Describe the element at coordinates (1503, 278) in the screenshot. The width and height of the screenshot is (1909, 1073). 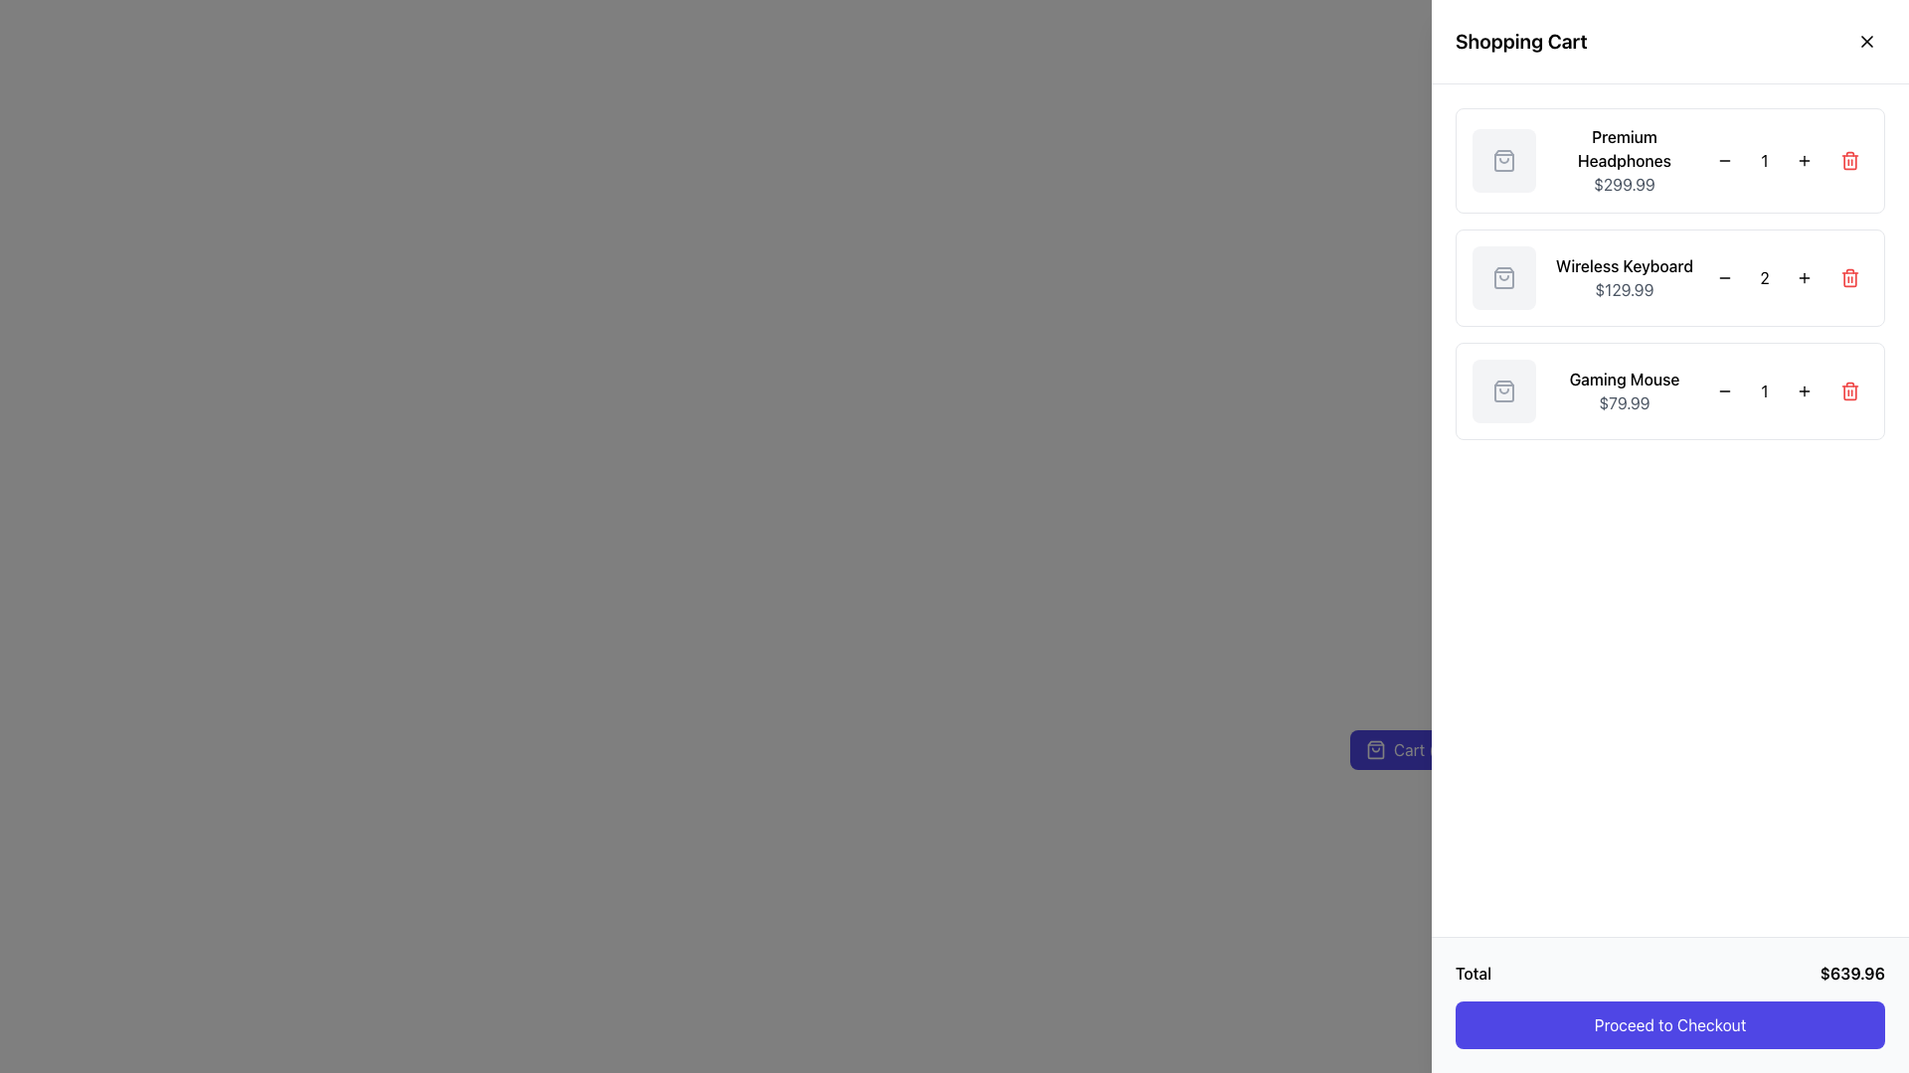
I see `the product image icon located to the left of the 'Wireless Keyboard' text in the shopping cart's second item` at that location.